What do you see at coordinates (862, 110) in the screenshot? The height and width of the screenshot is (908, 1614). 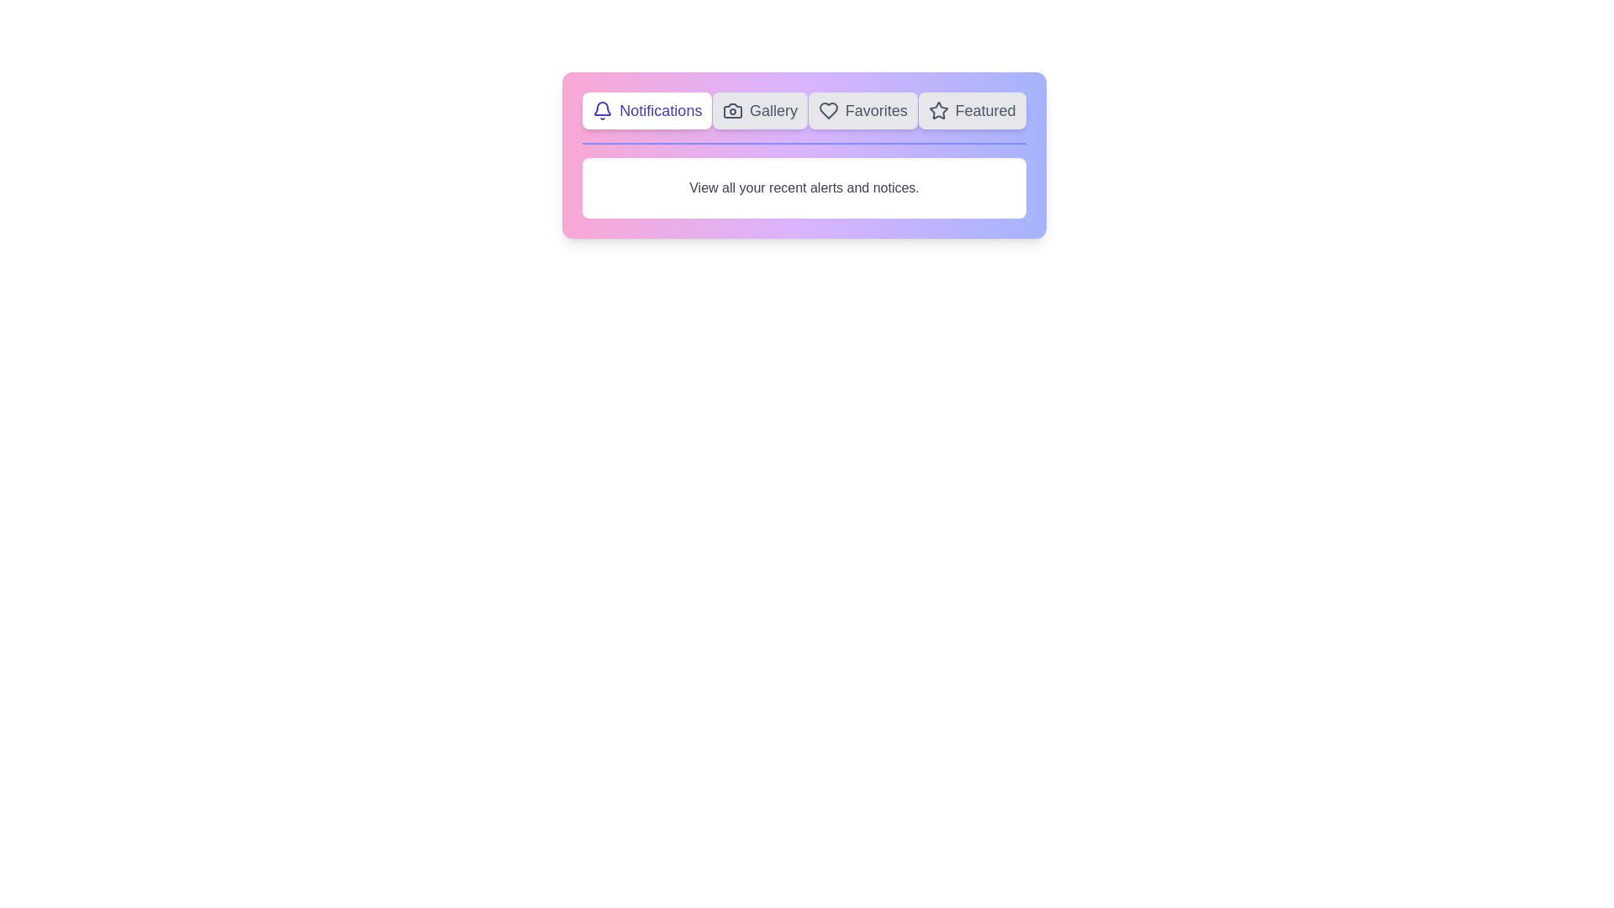 I see `the Favorites tab by clicking on its button` at bounding box center [862, 110].